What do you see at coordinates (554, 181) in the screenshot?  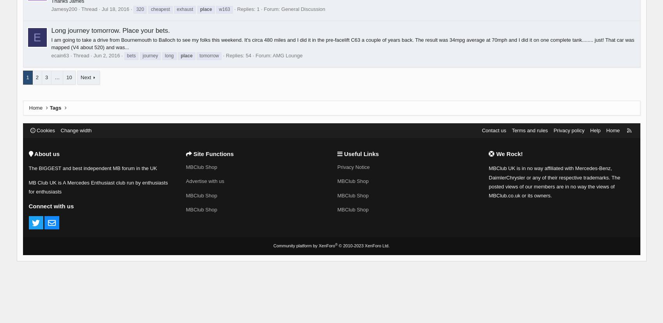 I see `'MBClub UK is in no way affiliated with Mercedes-Benz, DaimlerChrysler or any of their respective trademarks. The posted views of our members are in no way the views of MBClub.co.uk or its owners.'` at bounding box center [554, 181].